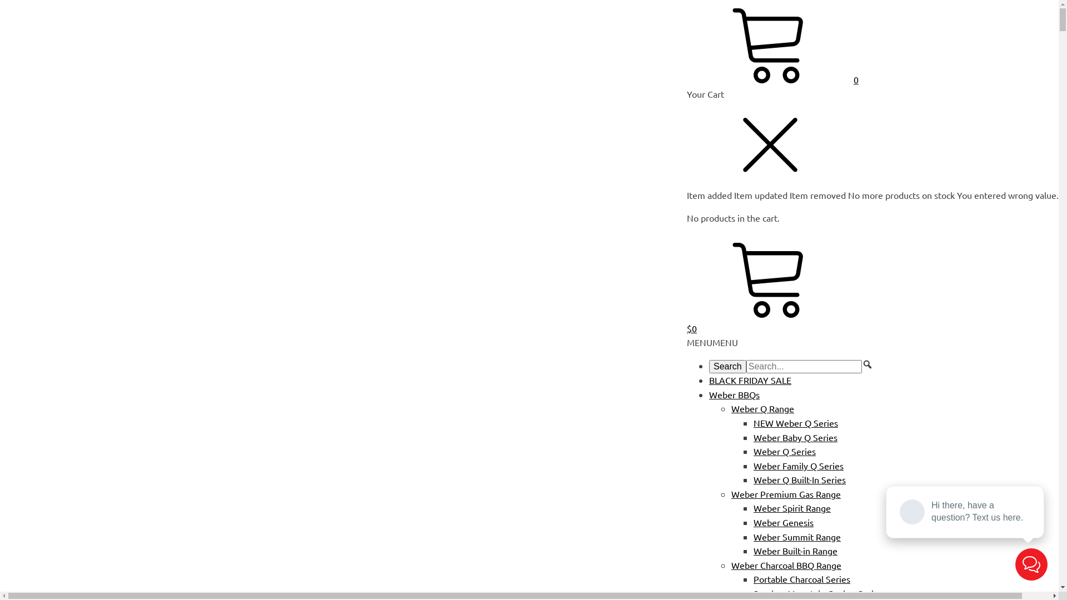  I want to click on 'Smokey Mountain Cooker Series', so click(818, 593).